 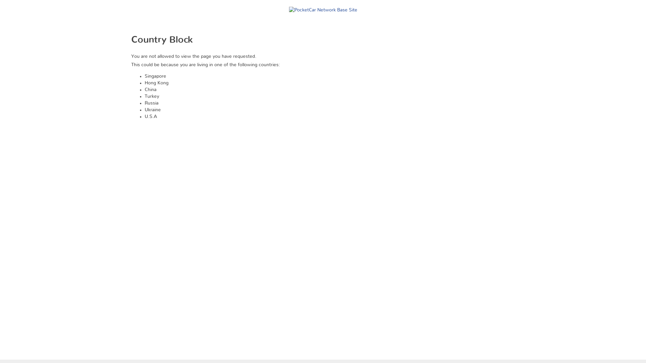 I want to click on 'PocketCar Network Base Site', so click(x=322, y=6).